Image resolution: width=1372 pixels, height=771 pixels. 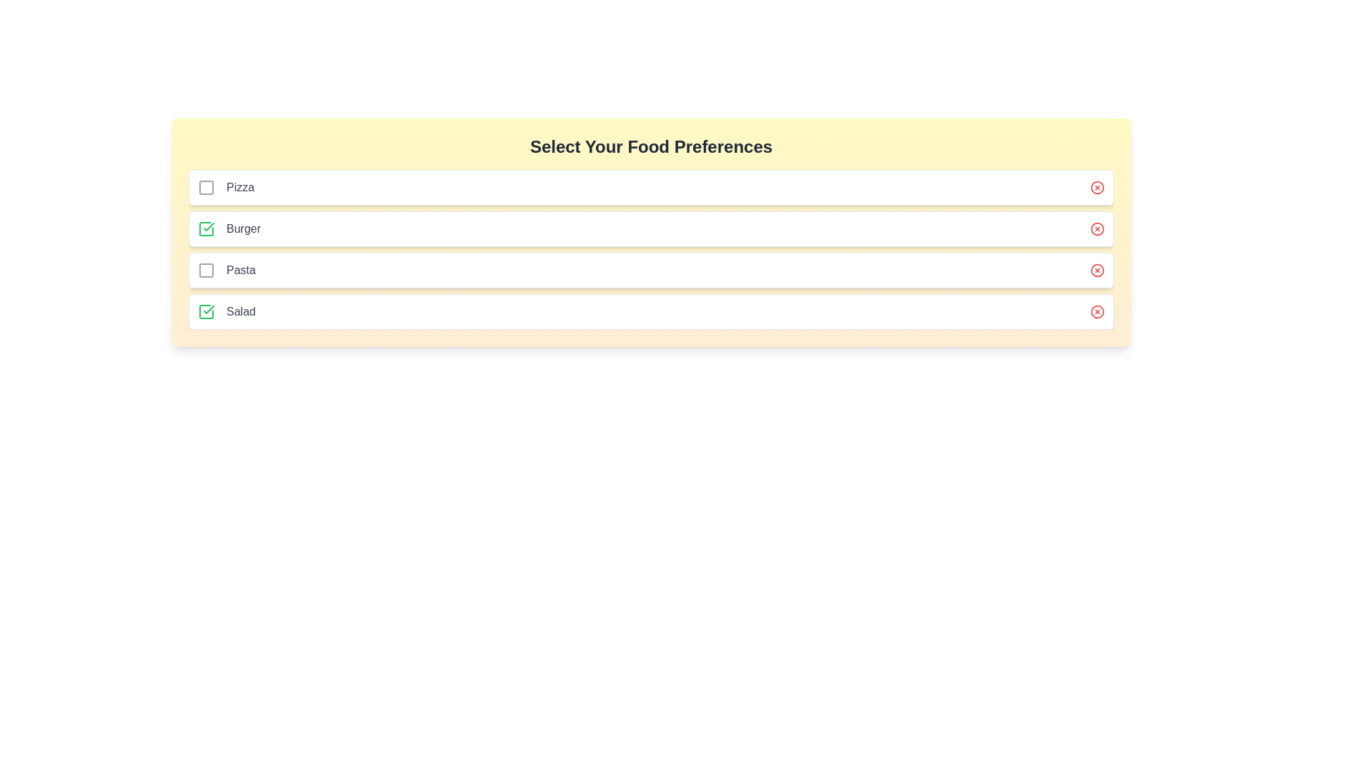 I want to click on the text label displaying 'Pizza' which is styled in gray and positioned next to a checkbox and an icon in the first row of a list component, so click(x=240, y=186).